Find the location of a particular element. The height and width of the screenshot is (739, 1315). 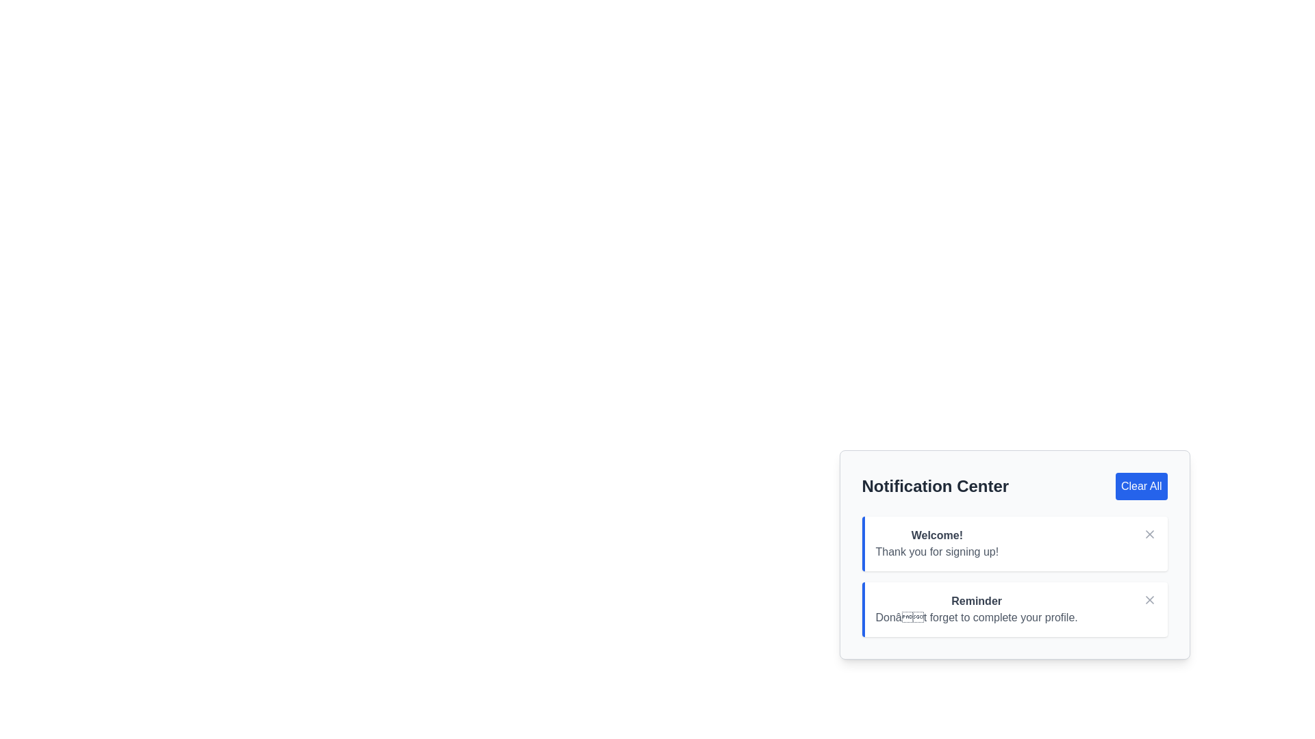

the text label displaying 'Thank you for signing up!' located in the 'Notification Center' pop-up is located at coordinates (936, 551).